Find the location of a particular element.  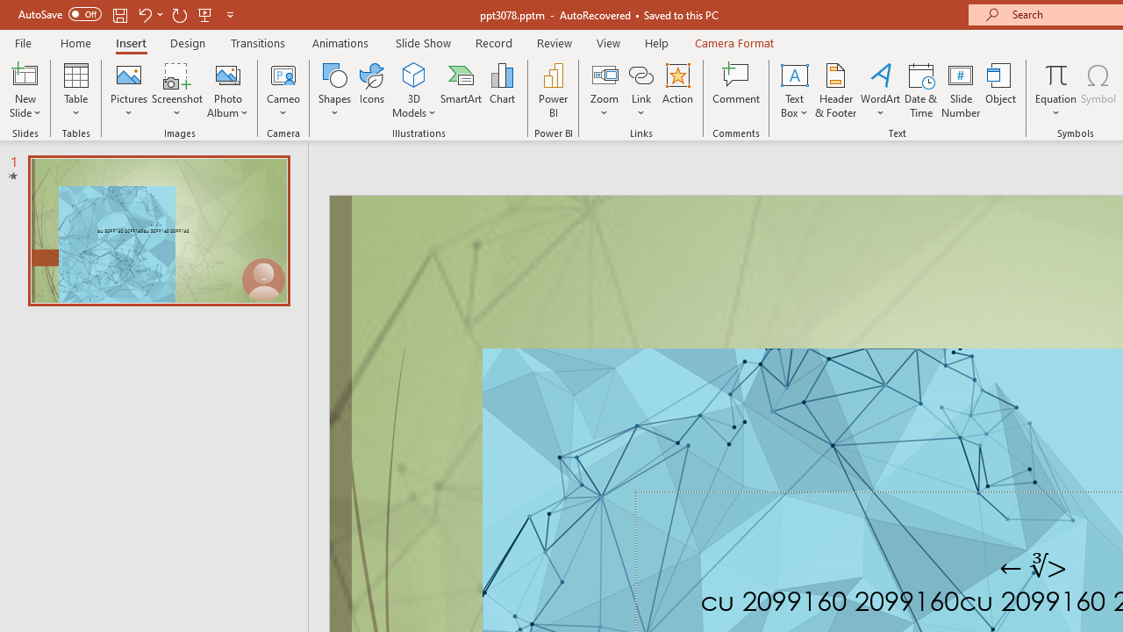

'Chart...' is located at coordinates (501, 90).